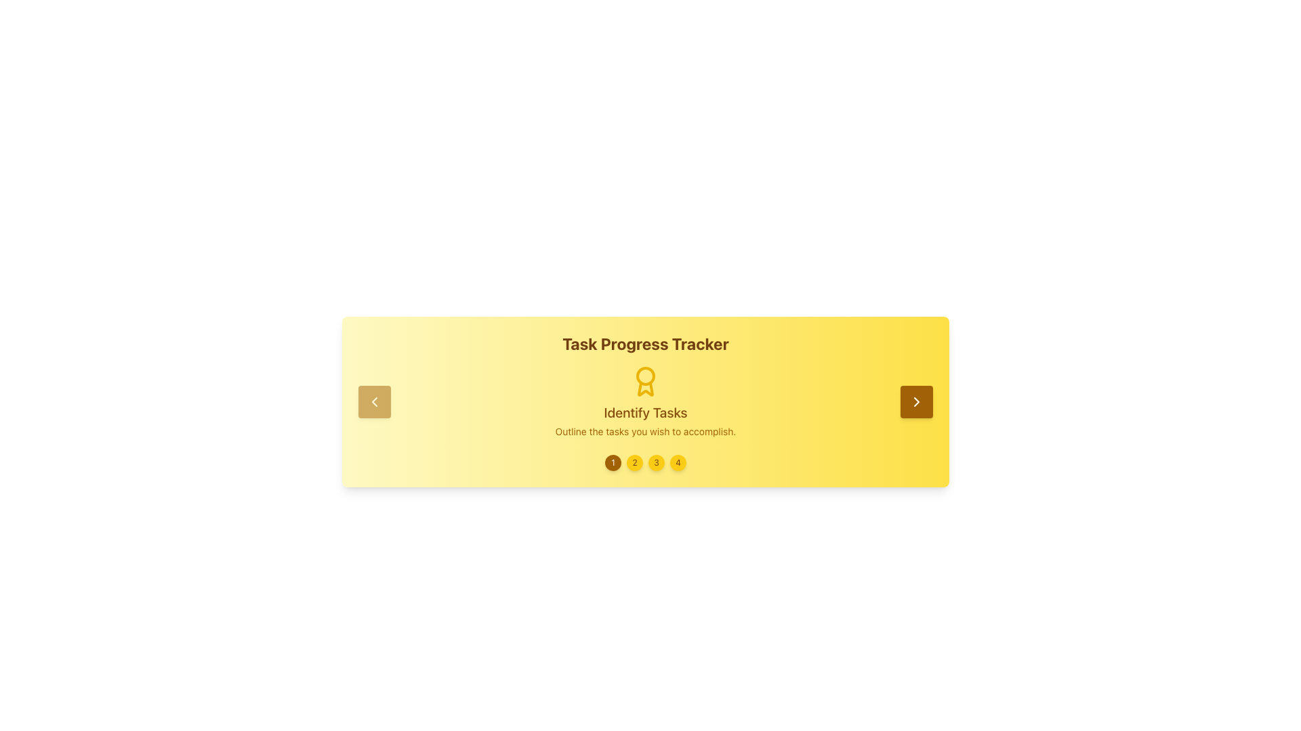  Describe the element at coordinates (917, 401) in the screenshot. I see `the navigational icon located within the golden rectangular button at the far-right end of the horizontal progress tracker interface` at that location.